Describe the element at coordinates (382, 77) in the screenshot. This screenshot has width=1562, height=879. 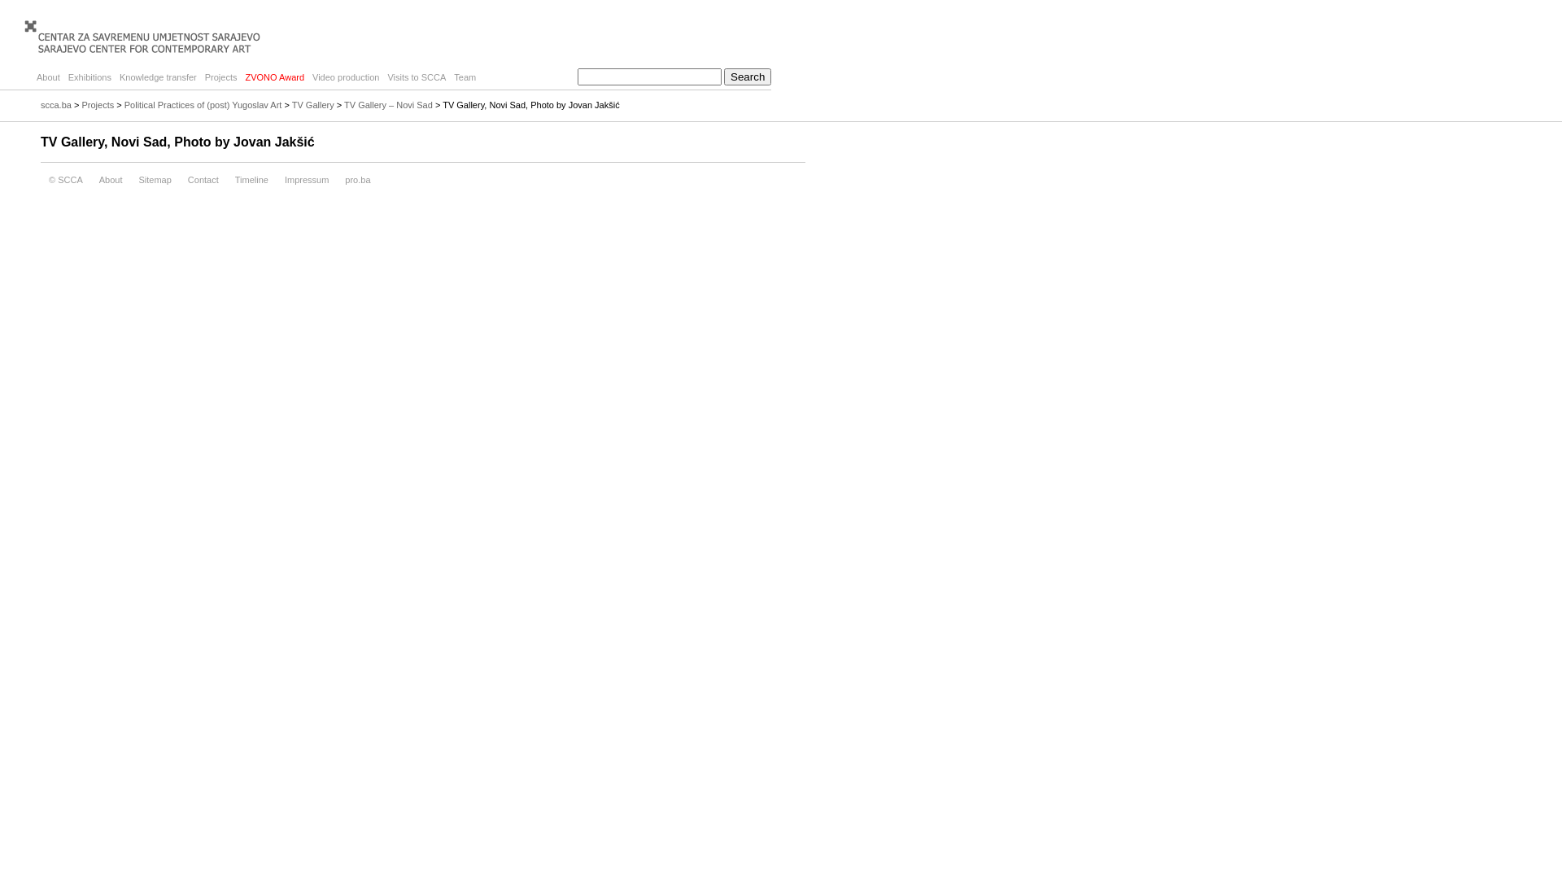
I see `'Visits to SCCA'` at that location.